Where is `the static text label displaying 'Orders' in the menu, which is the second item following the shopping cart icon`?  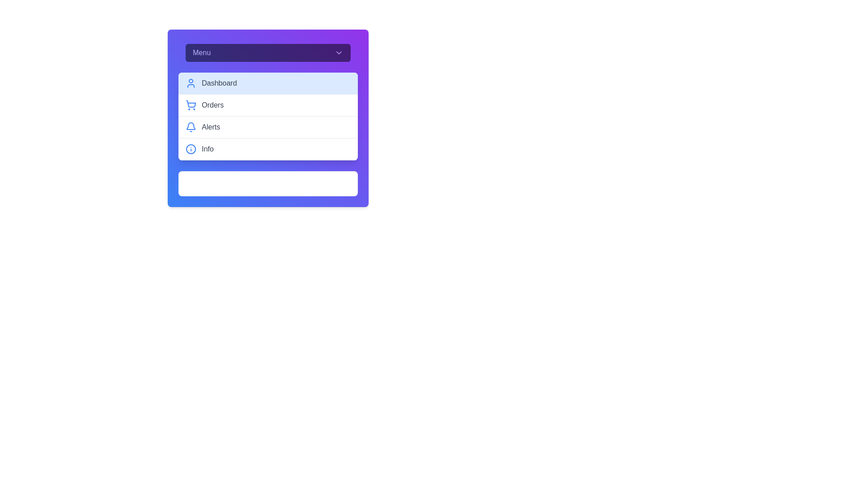 the static text label displaying 'Orders' in the menu, which is the second item following the shopping cart icon is located at coordinates (212, 105).